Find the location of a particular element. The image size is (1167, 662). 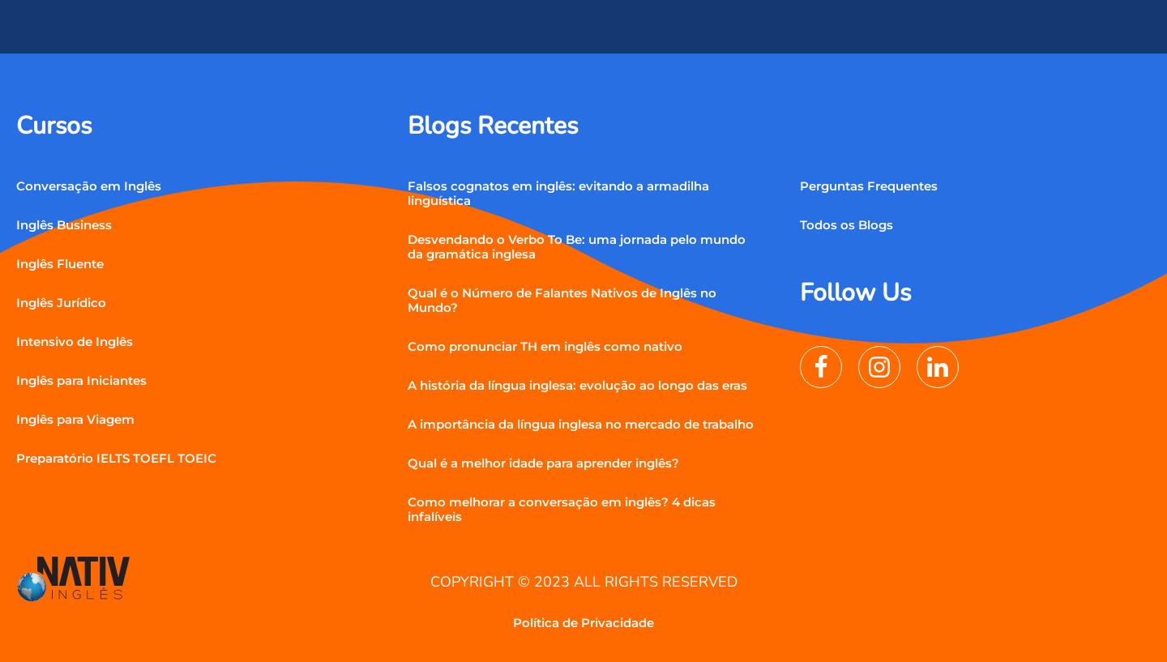

'Intensivo de Inglês' is located at coordinates (75, 340).